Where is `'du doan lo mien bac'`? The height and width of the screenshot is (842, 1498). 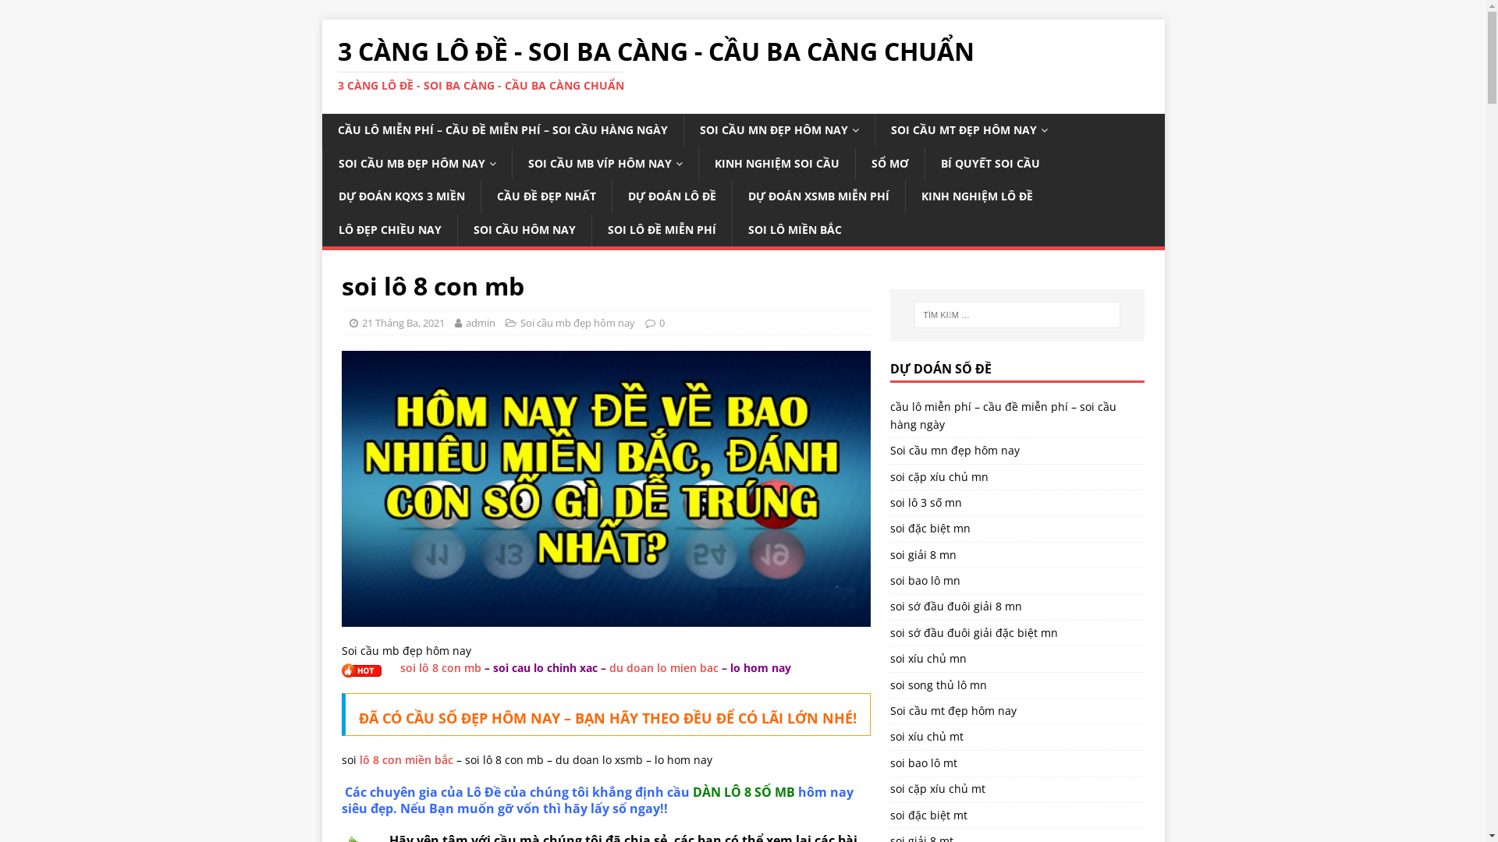 'du doan lo mien bac' is located at coordinates (662, 667).